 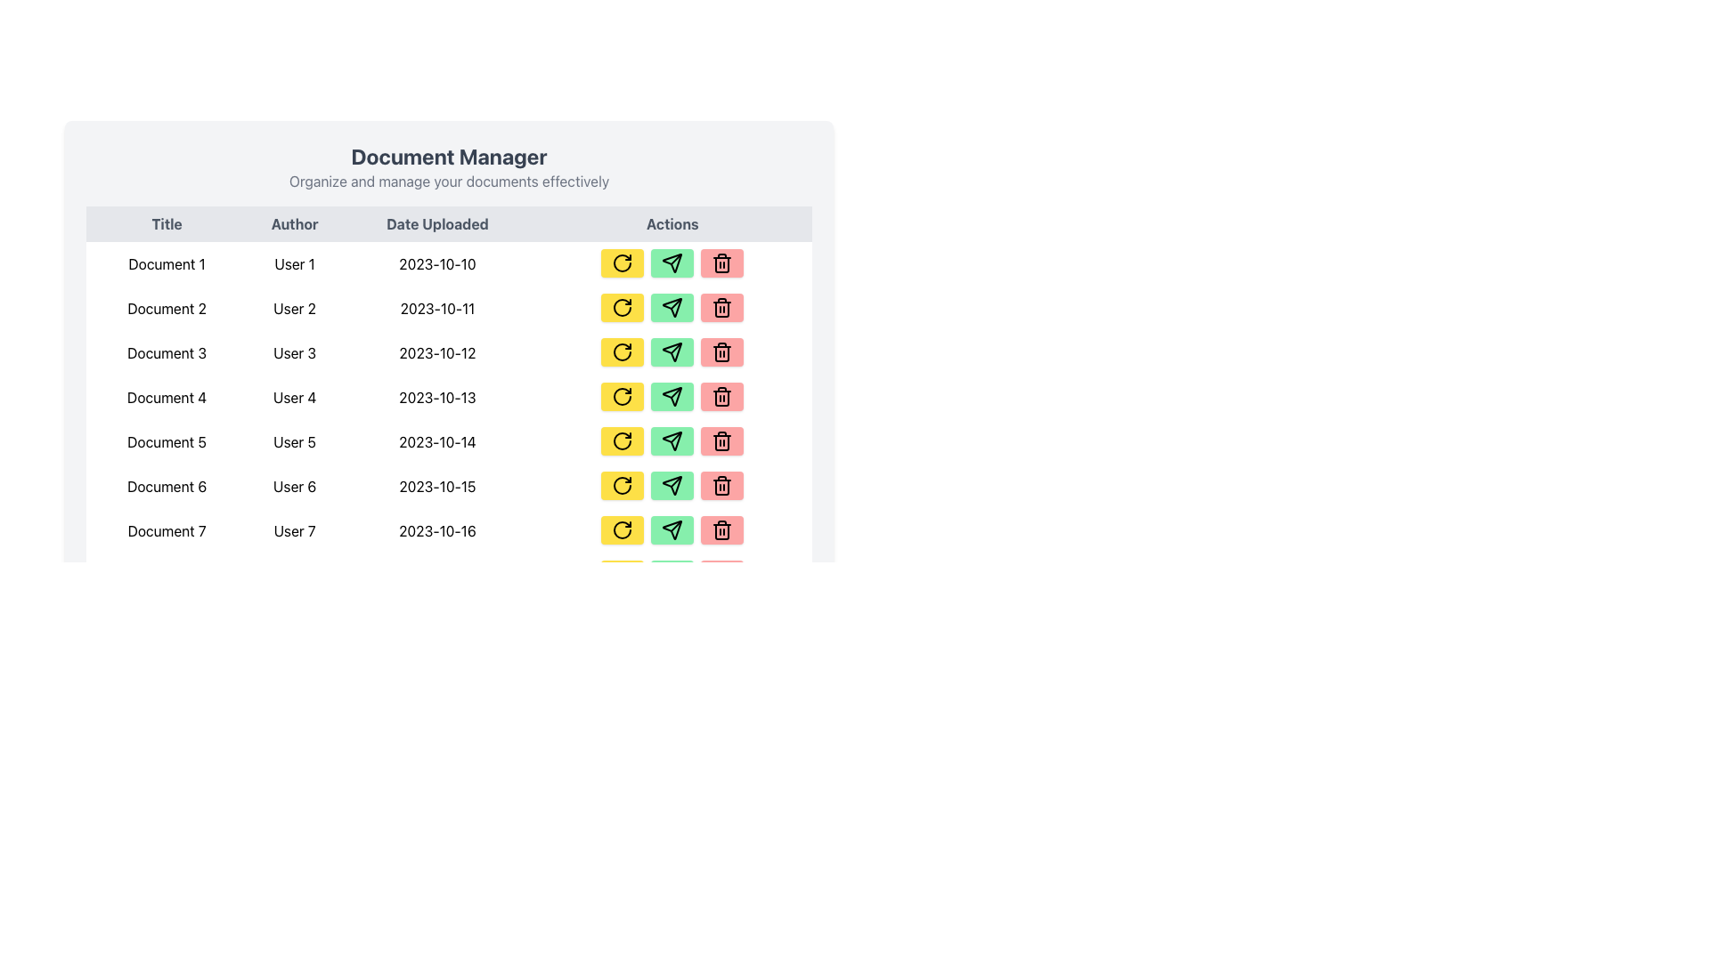 I want to click on the green send button with a black icon in the Actions column for Document 6, so click(x=672, y=487).